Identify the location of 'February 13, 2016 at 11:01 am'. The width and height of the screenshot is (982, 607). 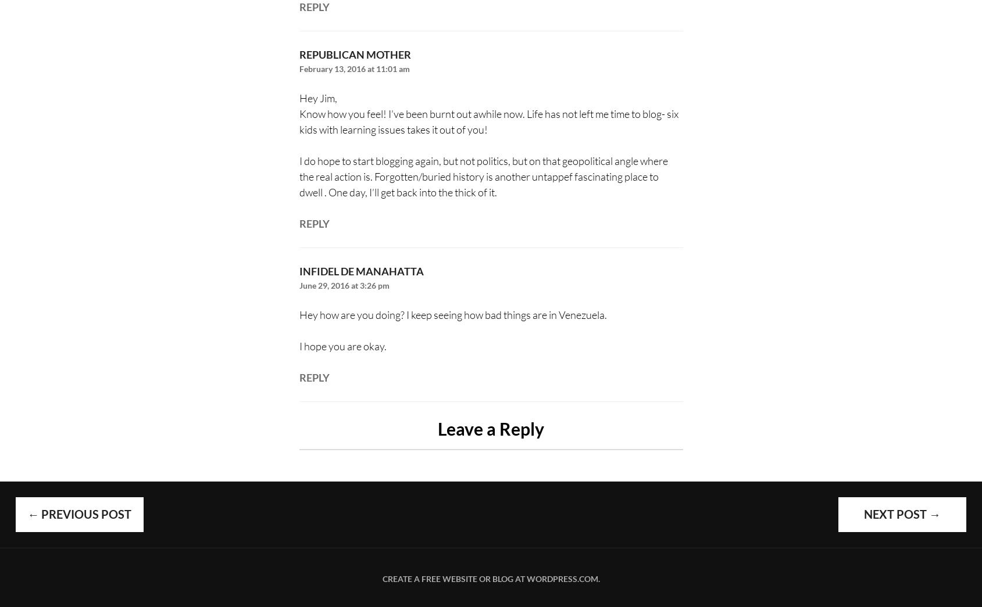
(353, 68).